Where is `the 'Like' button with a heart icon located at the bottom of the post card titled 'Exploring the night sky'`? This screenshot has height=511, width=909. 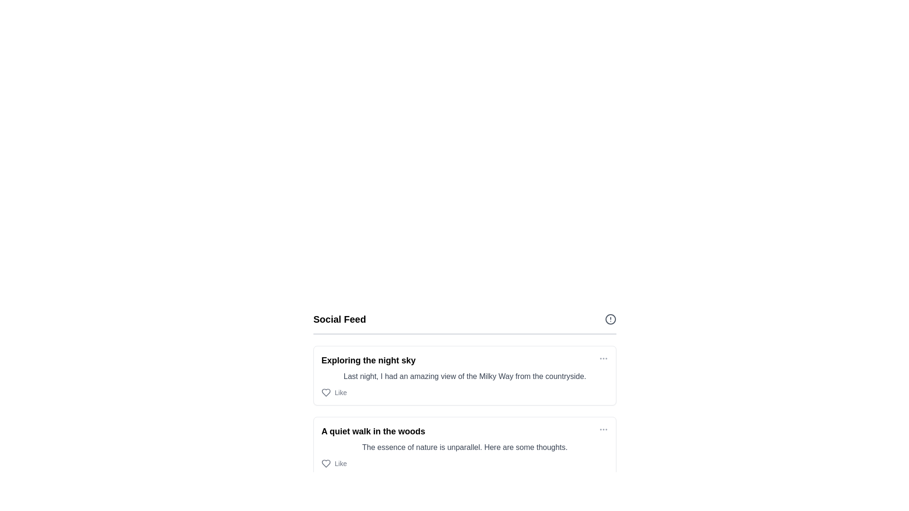 the 'Like' button with a heart icon located at the bottom of the post card titled 'Exploring the night sky' is located at coordinates (334, 392).